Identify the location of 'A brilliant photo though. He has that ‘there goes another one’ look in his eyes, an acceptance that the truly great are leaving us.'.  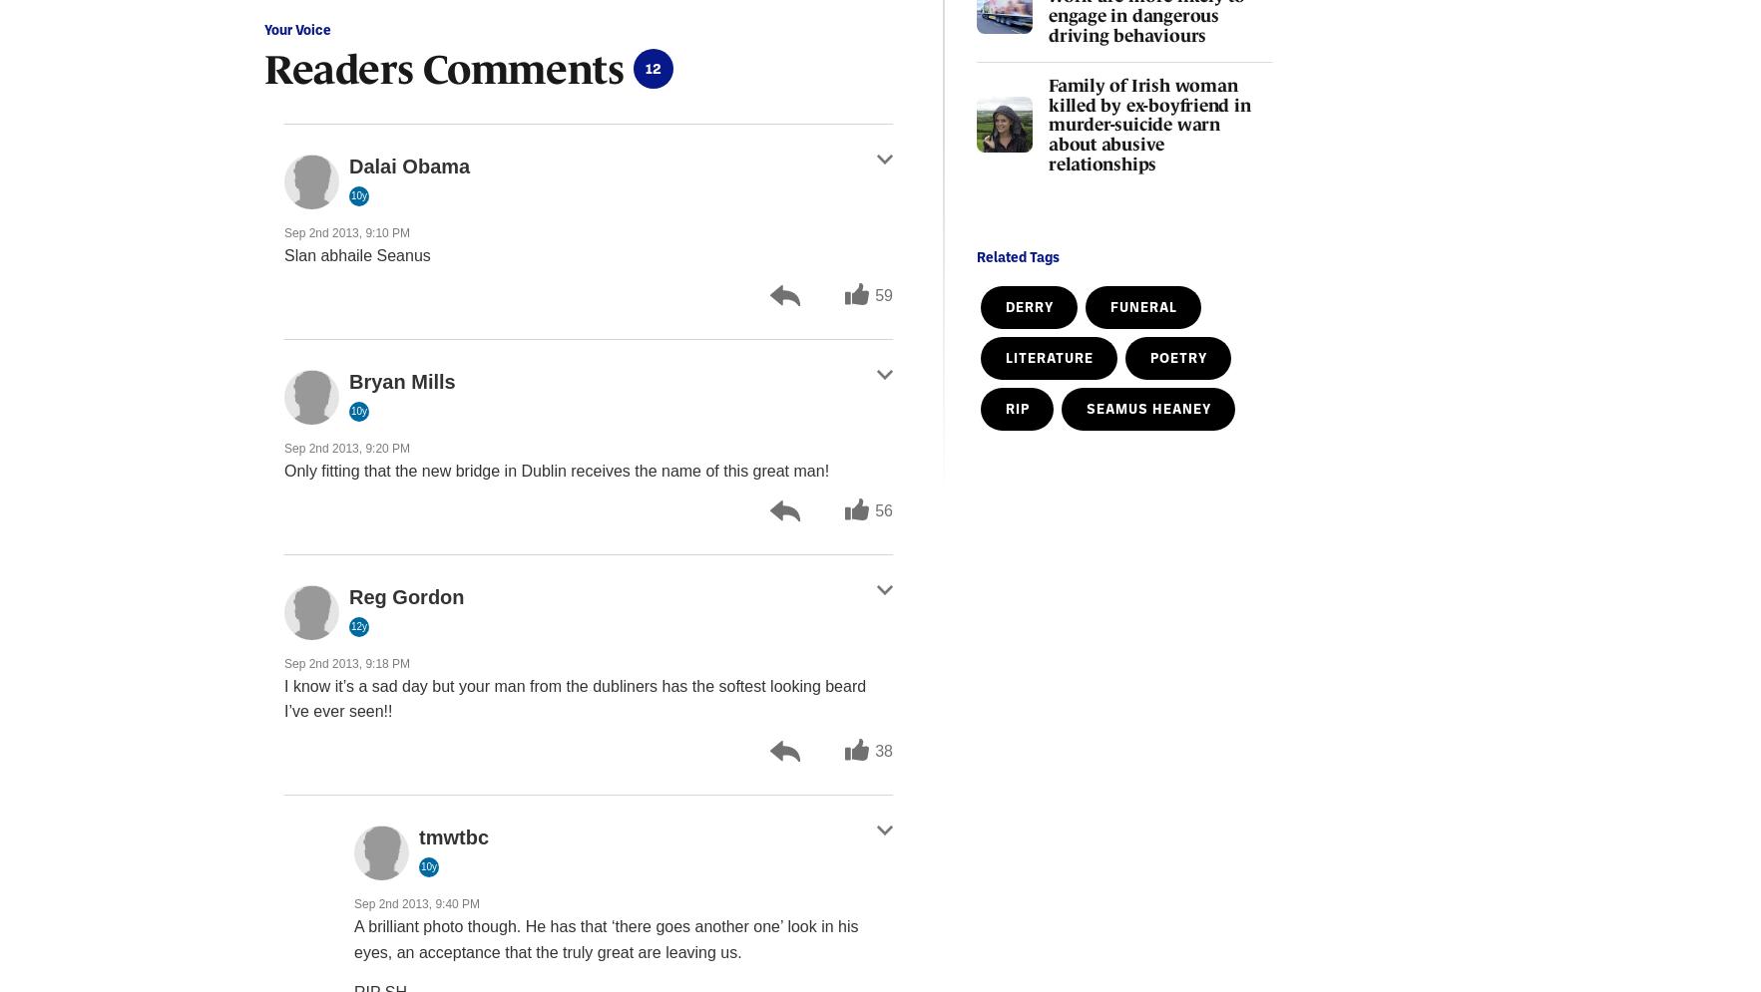
(605, 938).